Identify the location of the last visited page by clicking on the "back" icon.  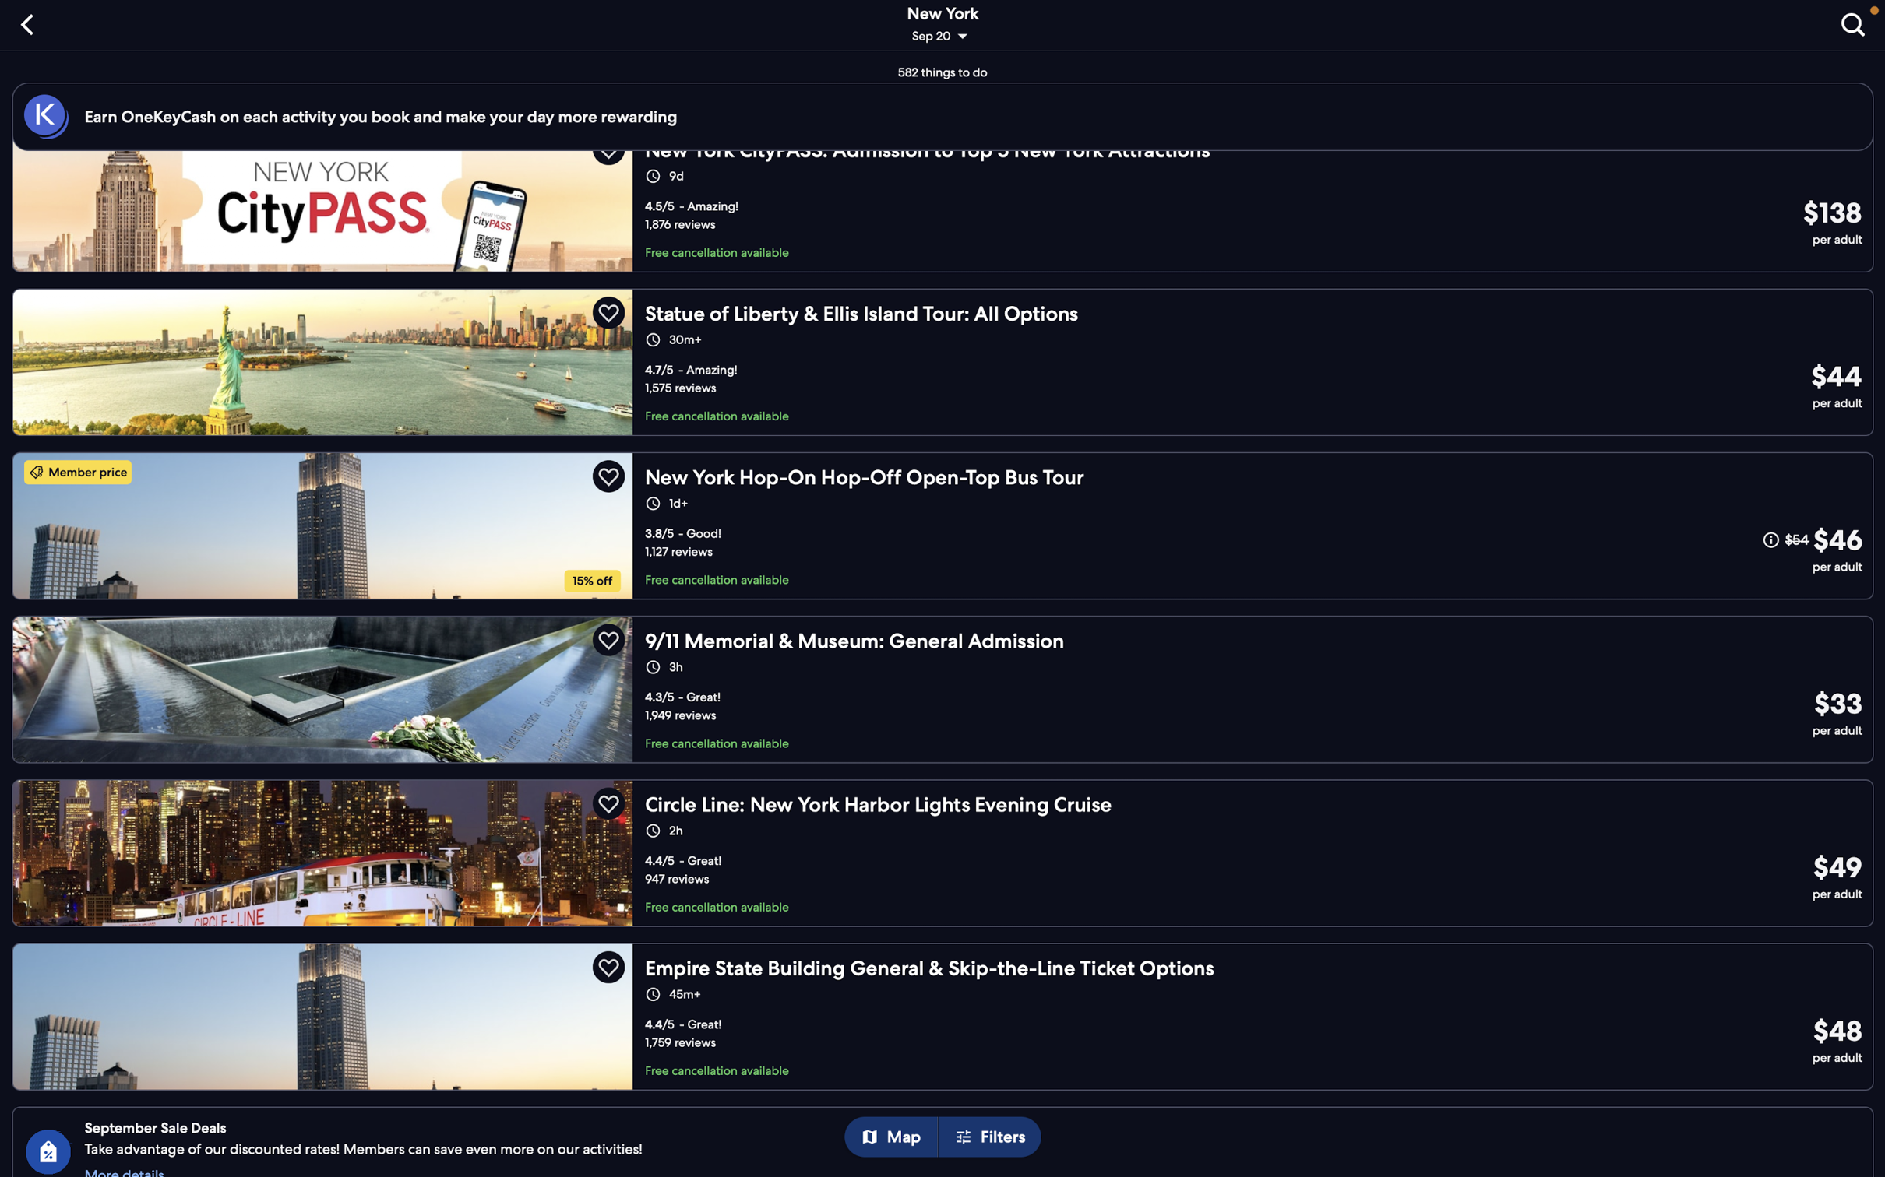
(30, 23).